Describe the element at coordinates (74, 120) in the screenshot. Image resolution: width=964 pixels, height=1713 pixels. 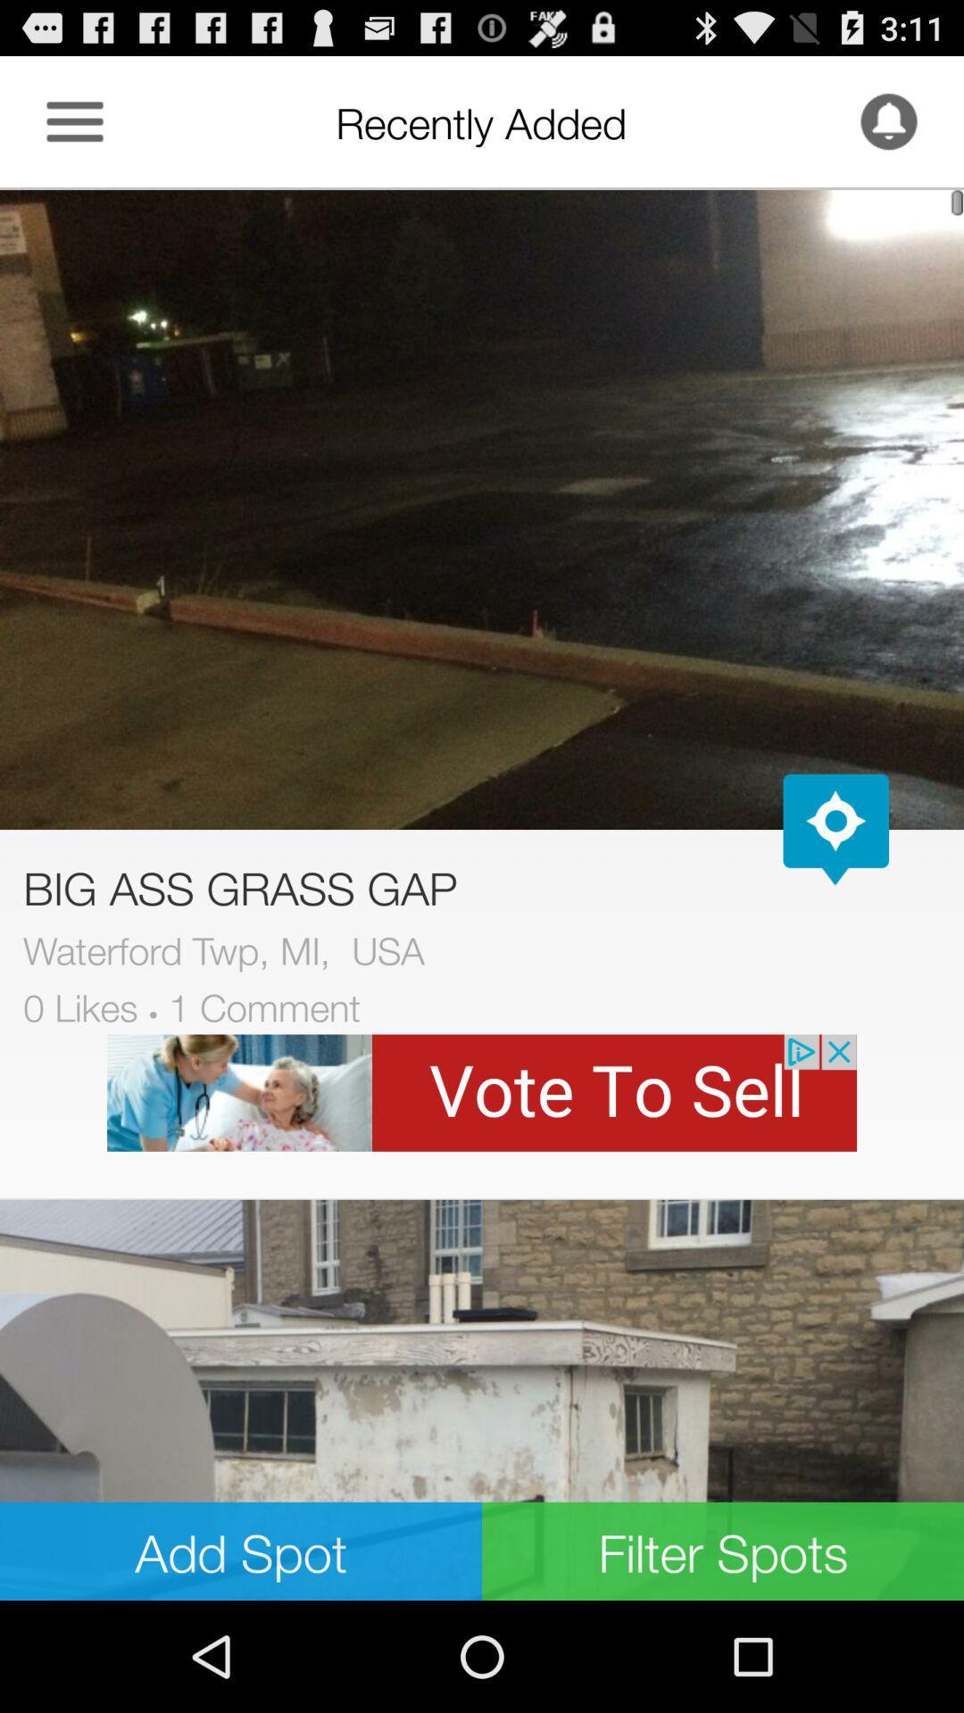
I see `open menu` at that location.